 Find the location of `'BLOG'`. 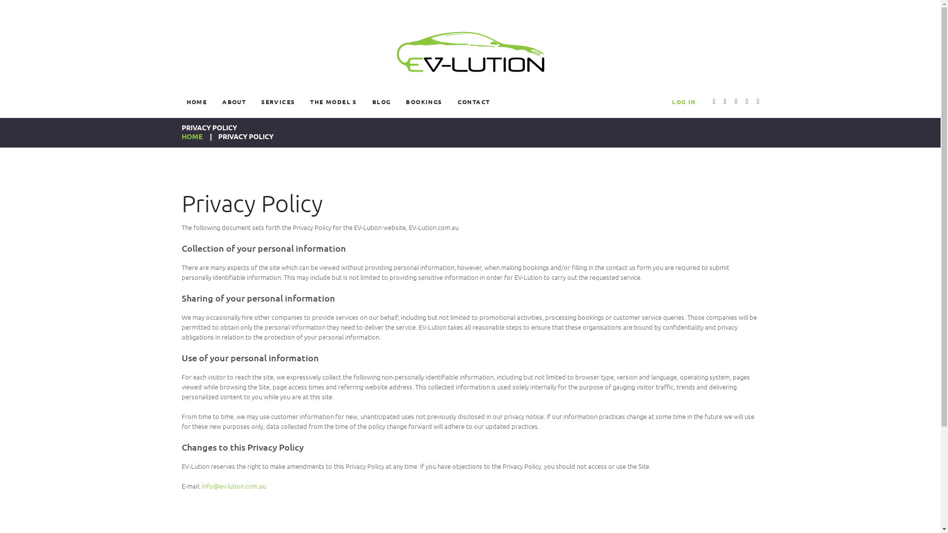

'BLOG' is located at coordinates (381, 101).